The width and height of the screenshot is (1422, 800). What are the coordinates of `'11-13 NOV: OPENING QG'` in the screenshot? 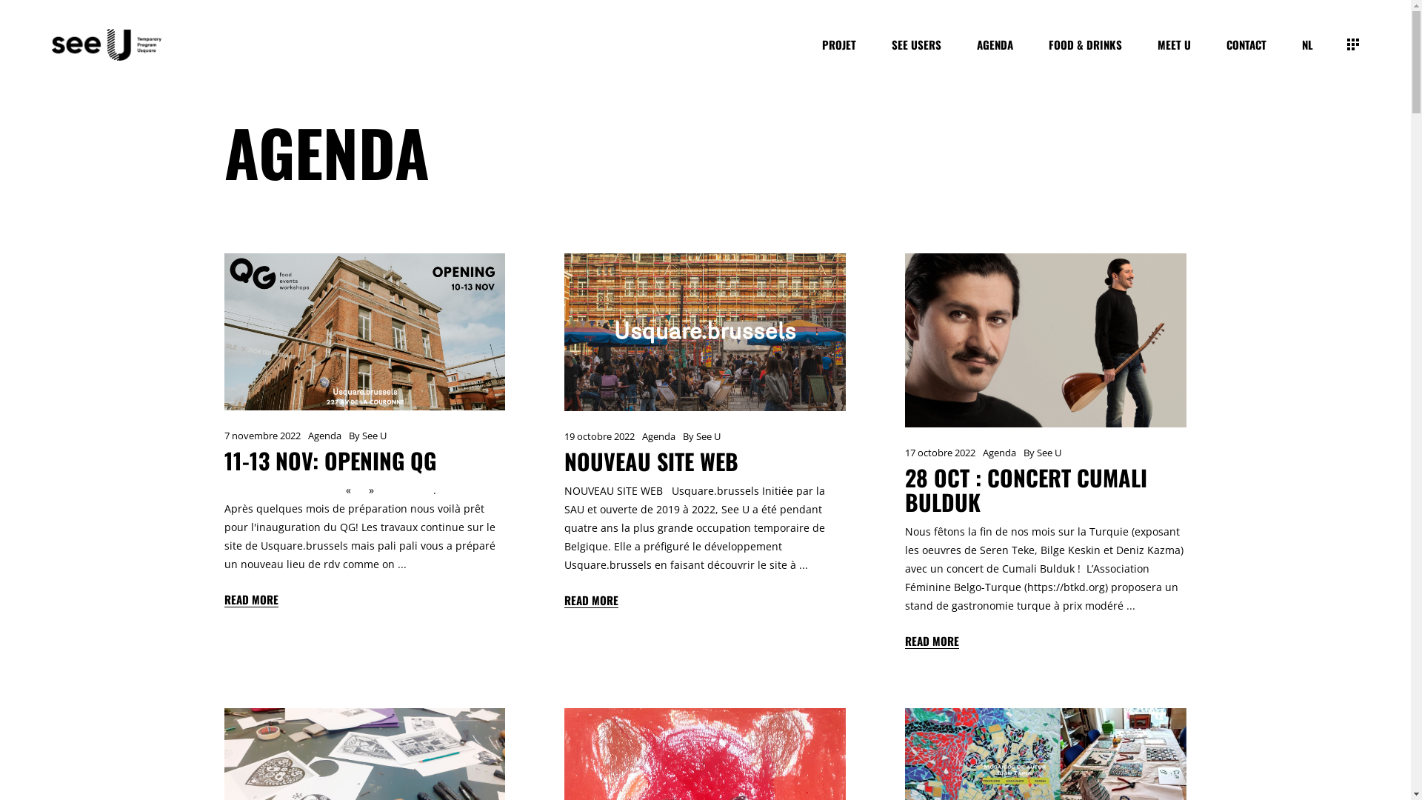 It's located at (329, 459).